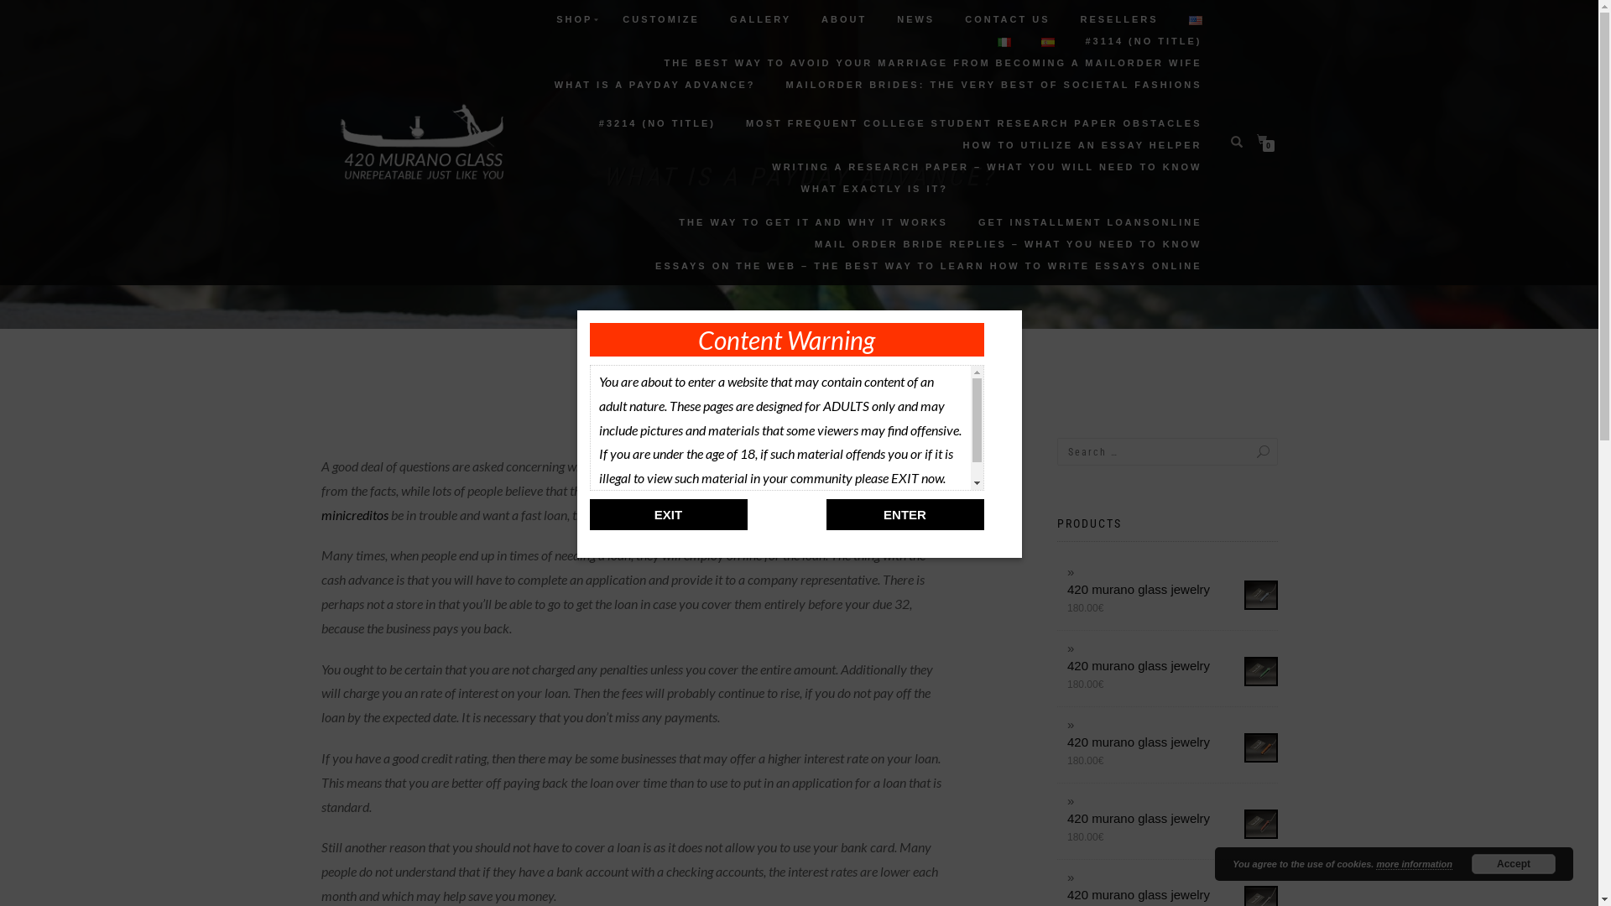 This screenshot has height=906, width=1611. What do you see at coordinates (1245, 450) in the screenshot?
I see `'Search'` at bounding box center [1245, 450].